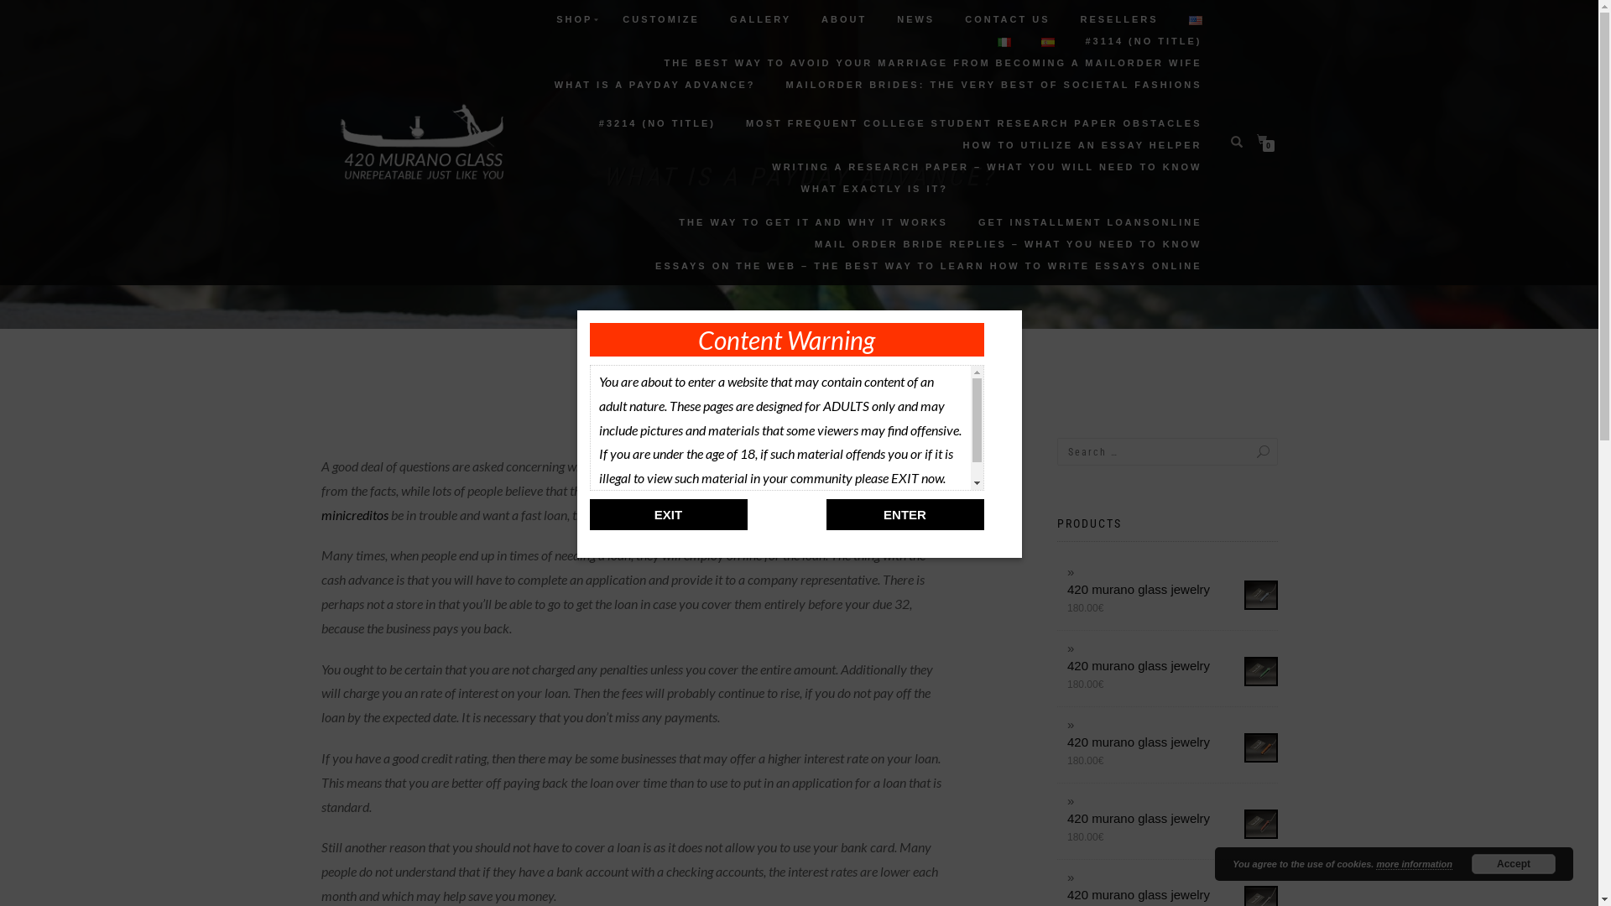 This screenshot has height=906, width=1611. What do you see at coordinates (1245, 450) in the screenshot?
I see `'Search'` at bounding box center [1245, 450].